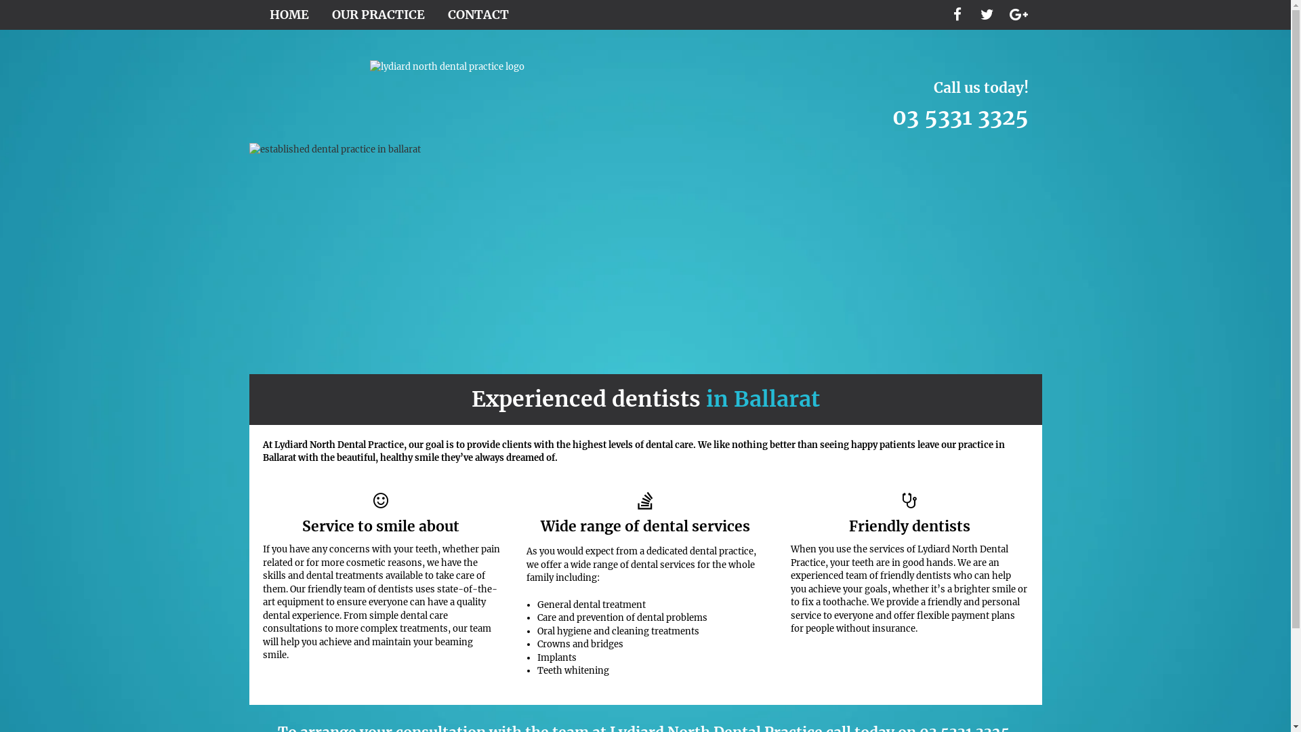 The width and height of the screenshot is (1301, 732). Describe the element at coordinates (891, 133) in the screenshot. I see `'03 5331 3325'` at that location.